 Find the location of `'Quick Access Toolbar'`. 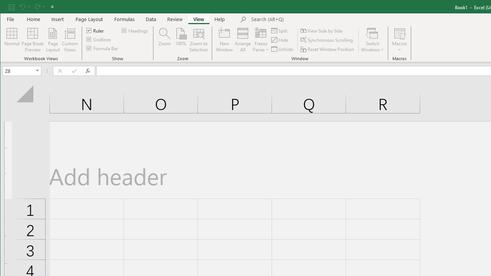

'Quick Access Toolbar' is located at coordinates (31, 7).